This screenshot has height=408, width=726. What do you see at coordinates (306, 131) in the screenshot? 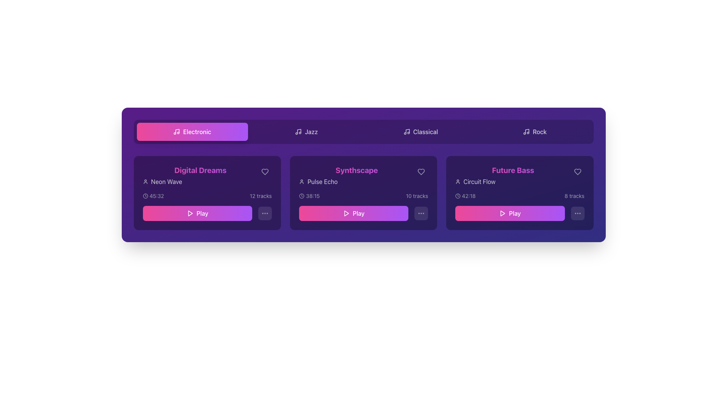
I see `the second button in a horizontal row of four, labeled with an icon related to 'Jazz', to activate the hover effect` at bounding box center [306, 131].